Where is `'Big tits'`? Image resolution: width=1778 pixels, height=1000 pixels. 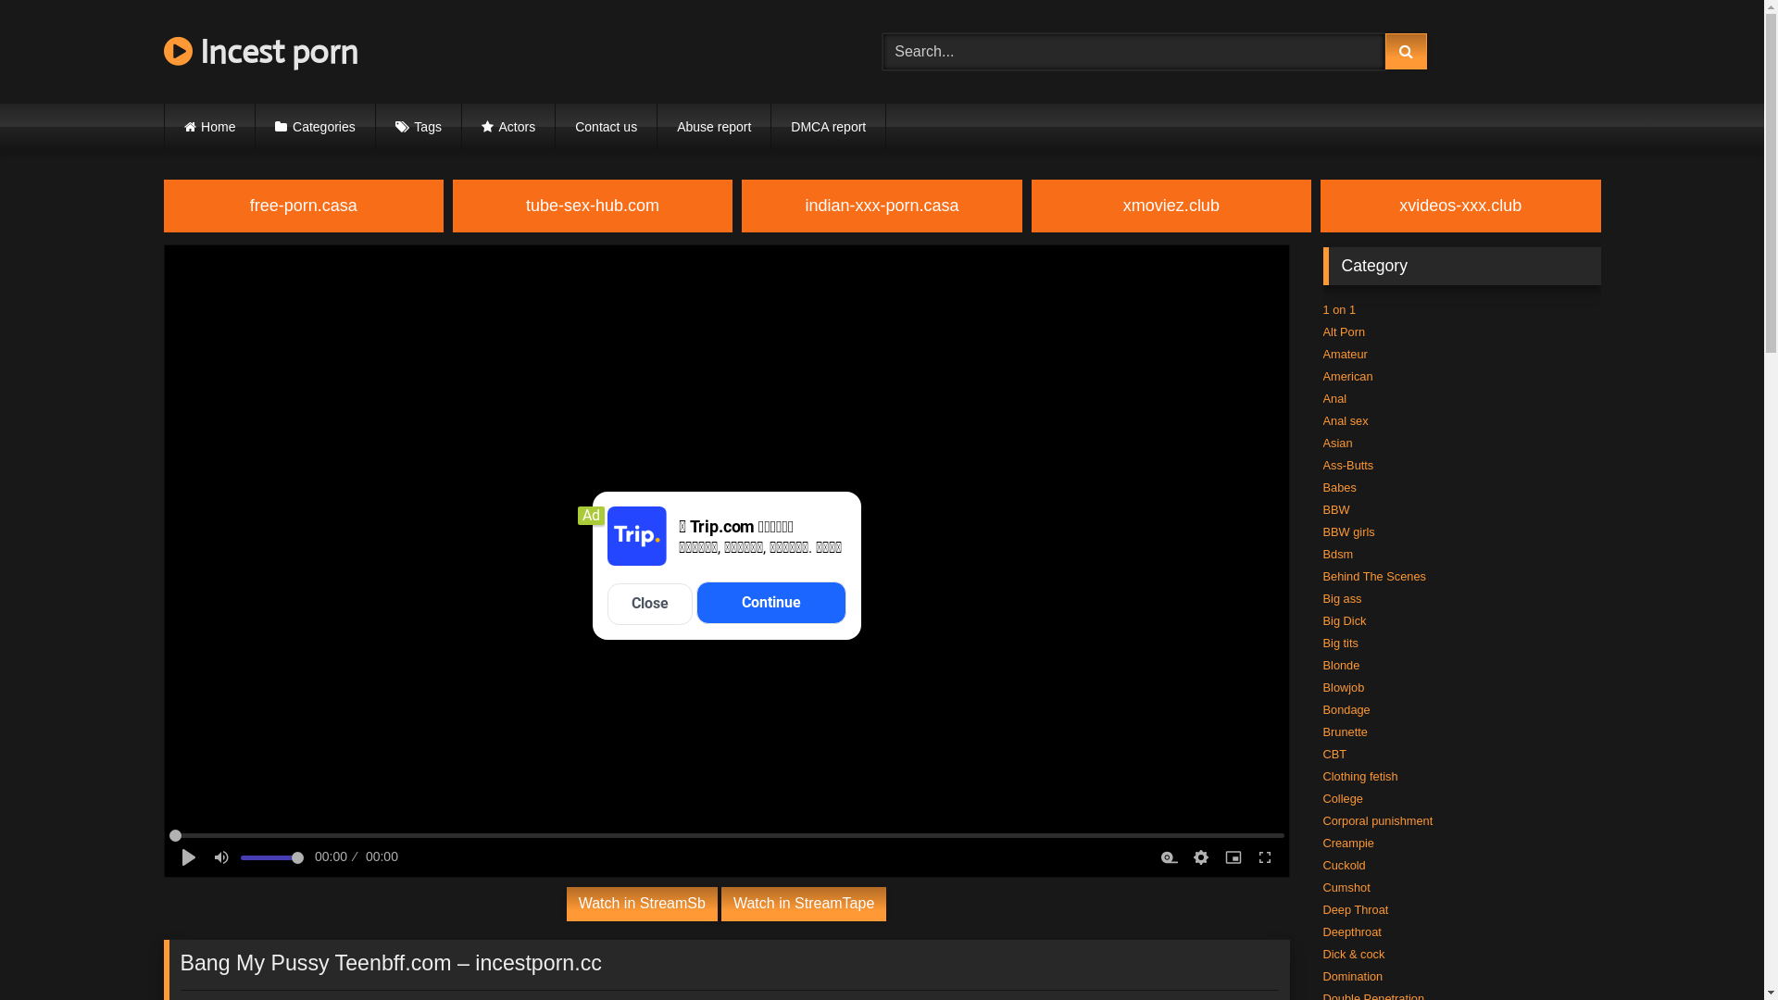 'Big tits' is located at coordinates (1339, 642).